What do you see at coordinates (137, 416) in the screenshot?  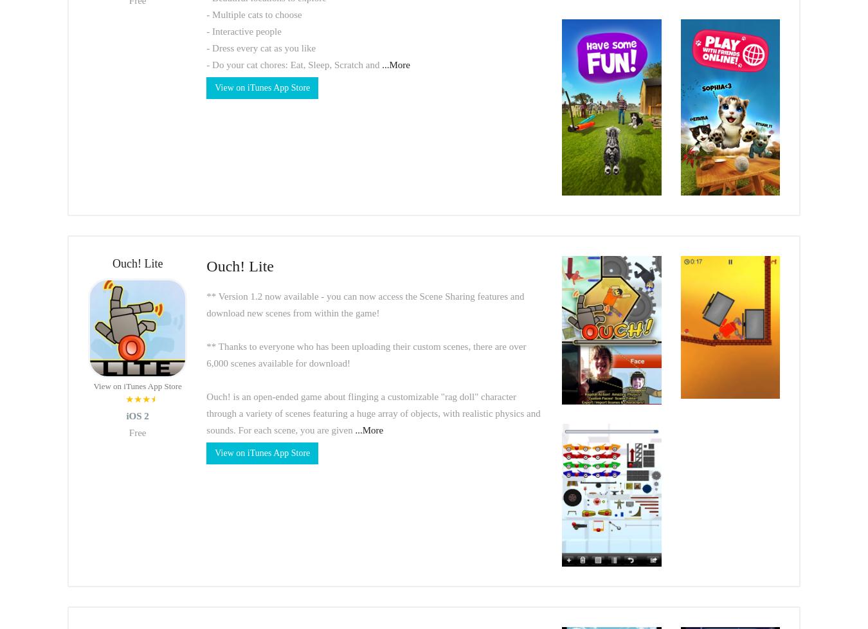 I see `'iOS 2'` at bounding box center [137, 416].